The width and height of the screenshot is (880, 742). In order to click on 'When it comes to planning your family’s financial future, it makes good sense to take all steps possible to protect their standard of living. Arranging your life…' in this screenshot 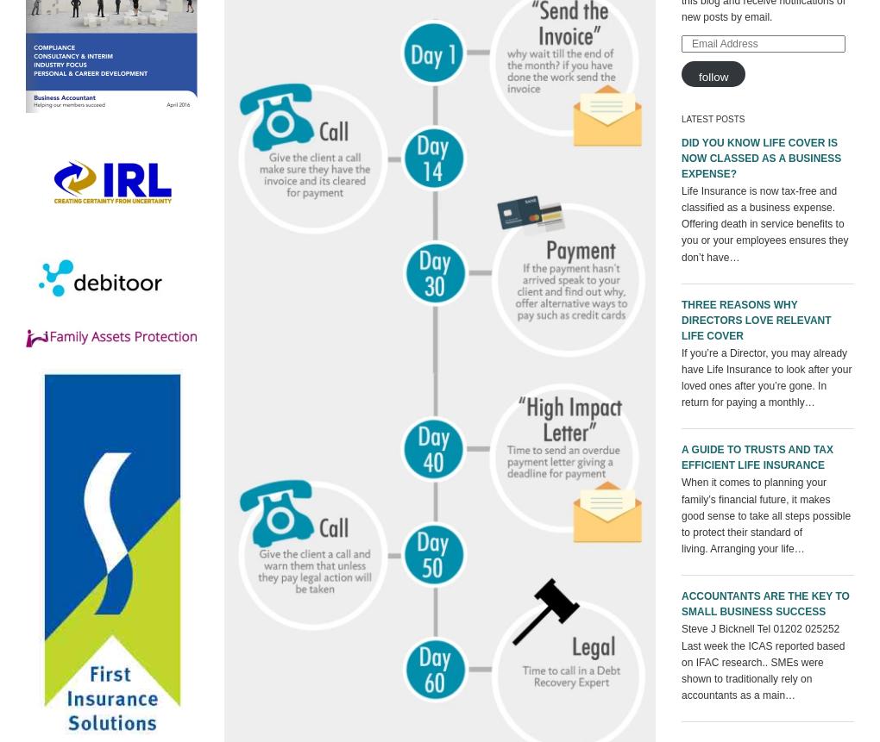, I will do `click(765, 514)`.